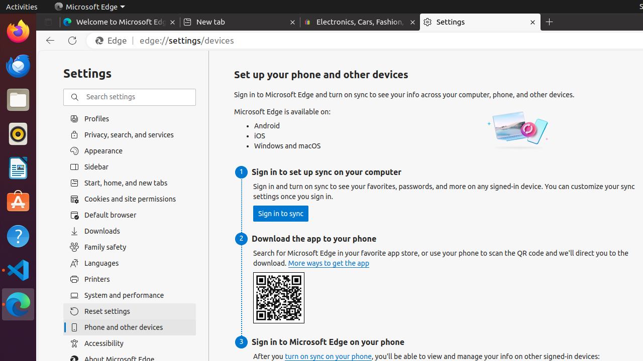 The width and height of the screenshot is (643, 361). I want to click on 'Rhythmbox', so click(18, 133).